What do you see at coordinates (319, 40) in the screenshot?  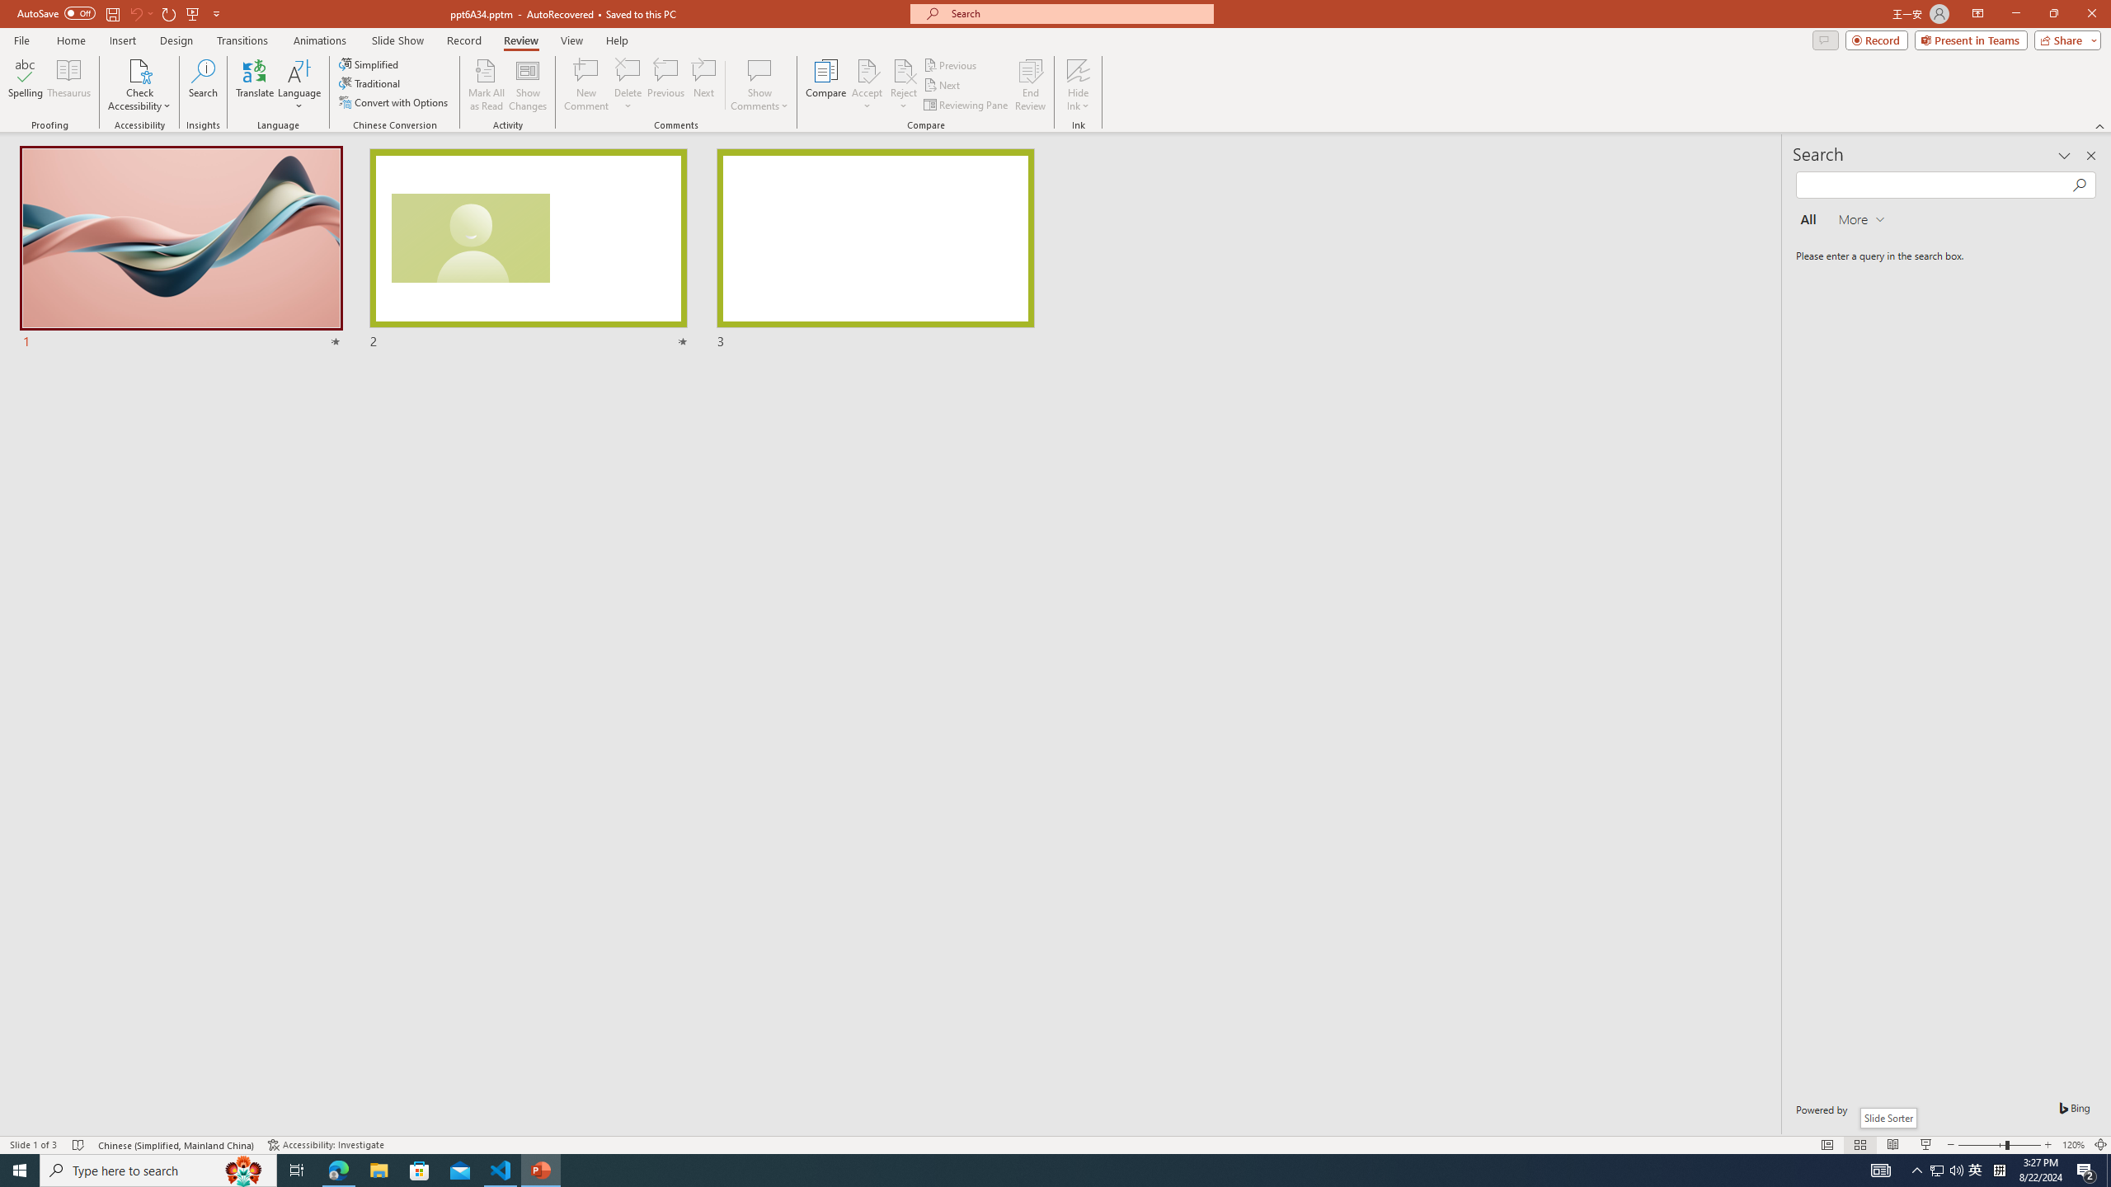 I see `'Animations'` at bounding box center [319, 40].